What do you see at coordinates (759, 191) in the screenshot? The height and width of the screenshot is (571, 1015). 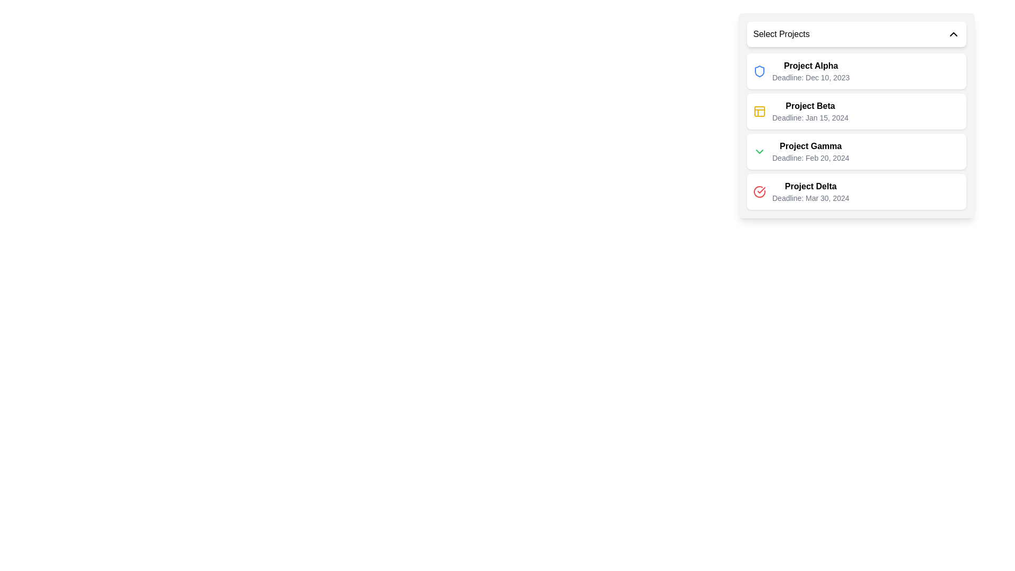 I see `the circular check icon representing the status of the 'Project Delta' entry in the graphical component` at bounding box center [759, 191].